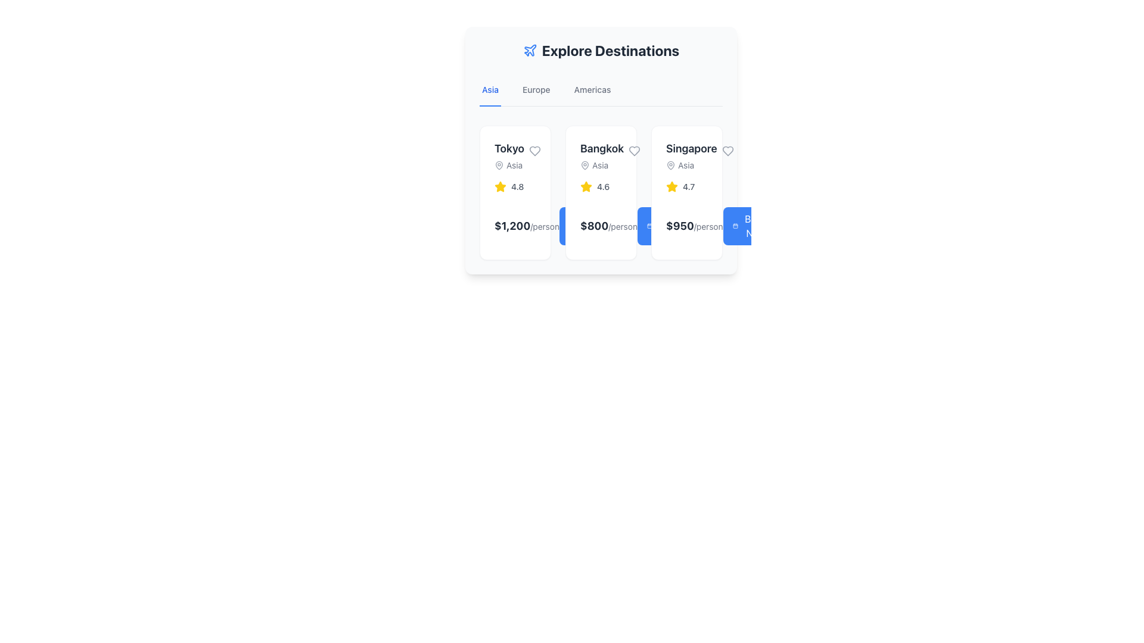 Image resolution: width=1144 pixels, height=643 pixels. Describe the element at coordinates (601, 89) in the screenshot. I see `the tab in the Tab Navigation Bar located centrally at the top of the 'Explore Destinations' card to switch content` at that location.